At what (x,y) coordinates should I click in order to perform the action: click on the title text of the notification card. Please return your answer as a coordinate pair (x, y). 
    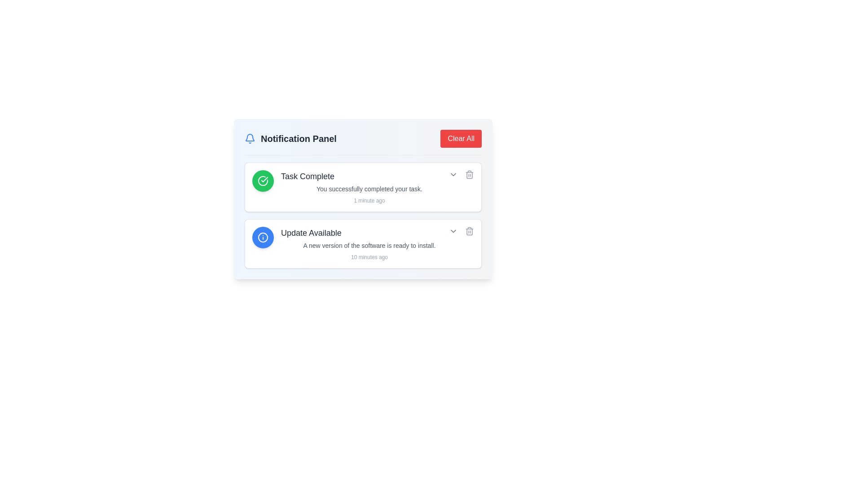
    Looking at the image, I should click on (311, 233).